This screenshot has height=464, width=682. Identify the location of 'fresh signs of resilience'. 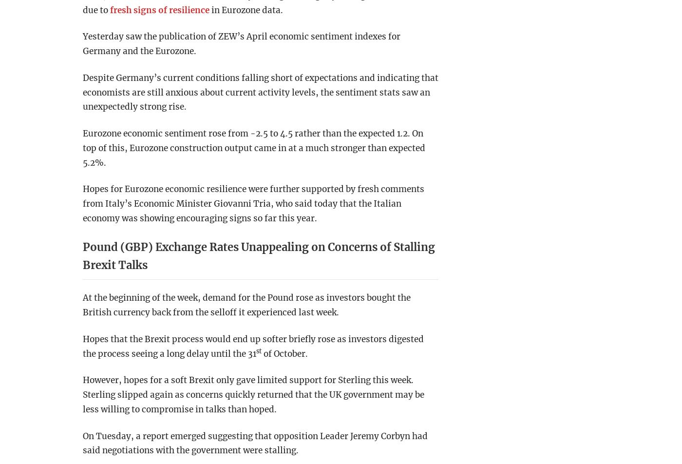
(160, 9).